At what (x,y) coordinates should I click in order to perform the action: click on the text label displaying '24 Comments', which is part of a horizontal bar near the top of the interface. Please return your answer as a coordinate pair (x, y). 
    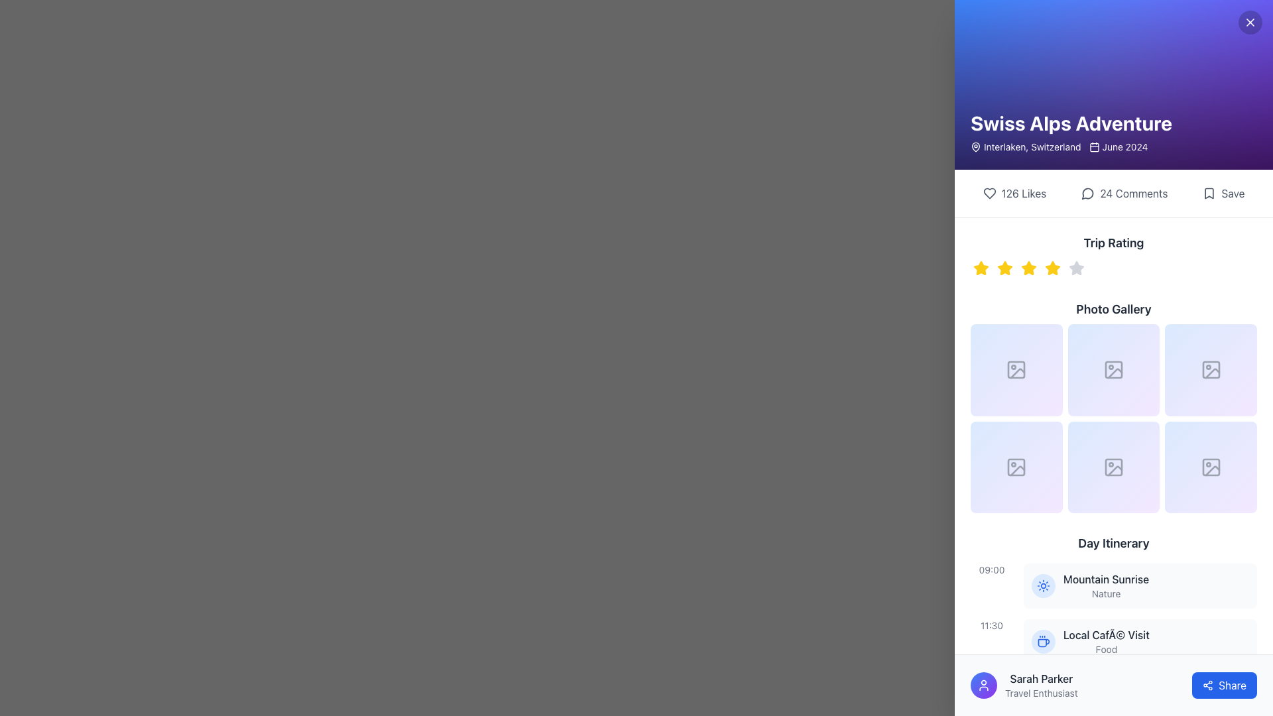
    Looking at the image, I should click on (1133, 194).